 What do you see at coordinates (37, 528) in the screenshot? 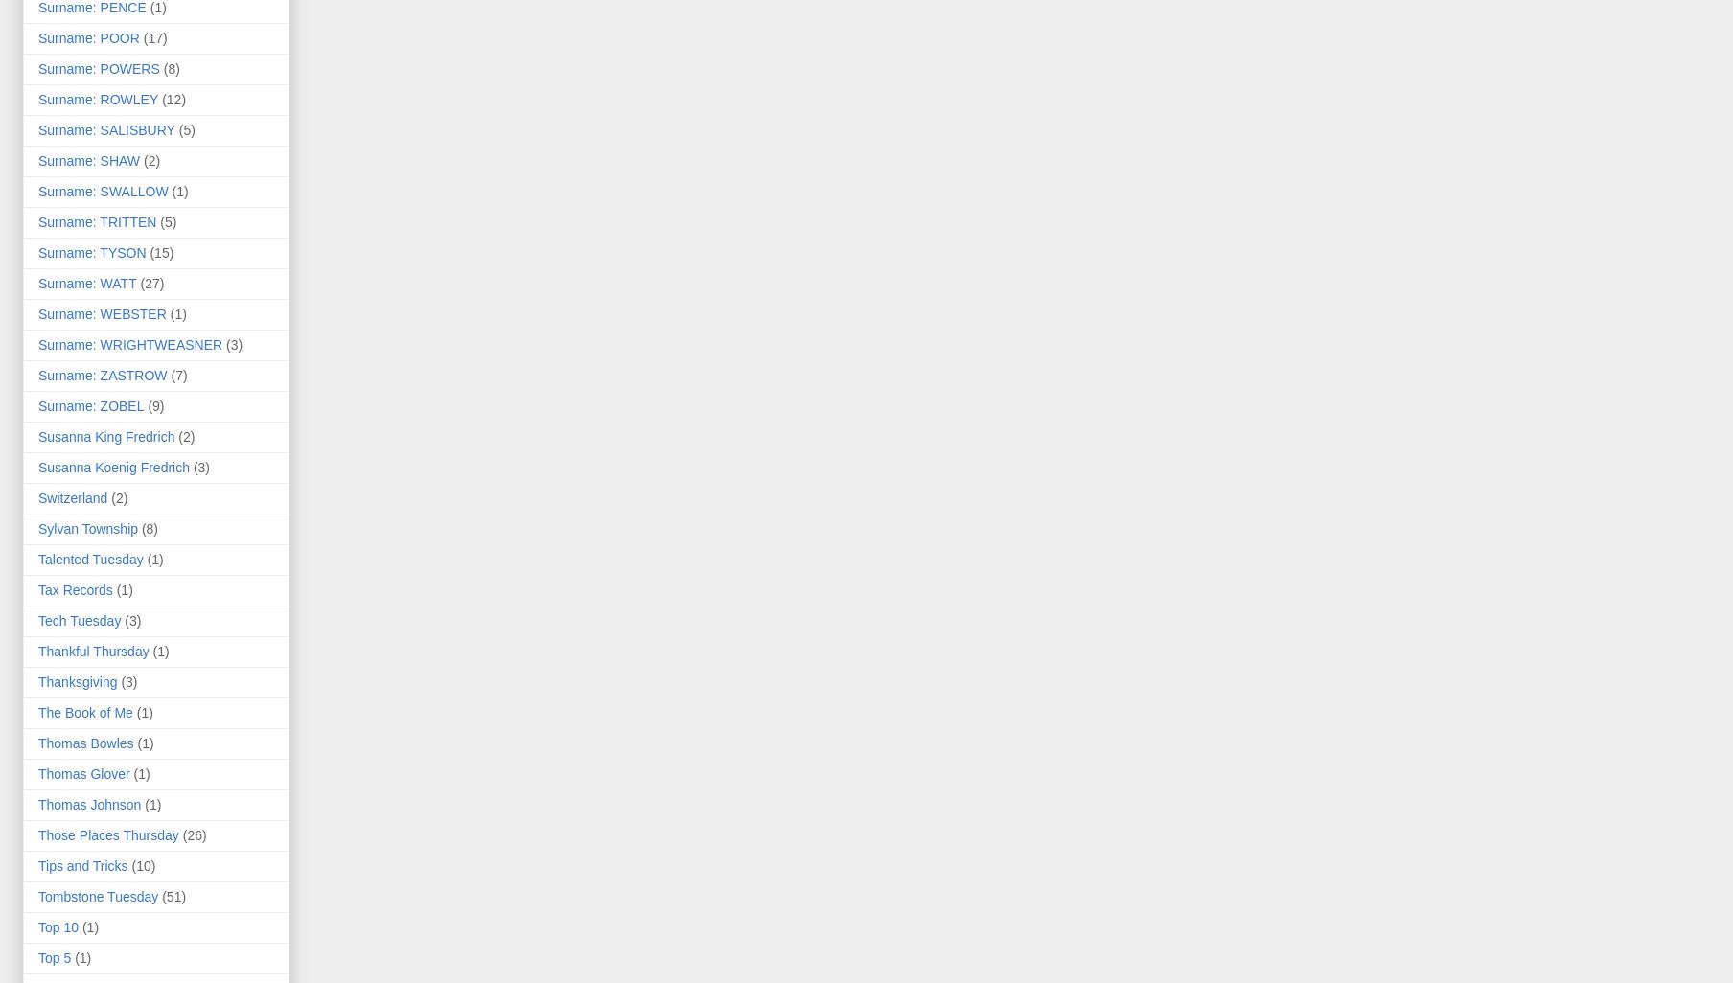
I see `'Sylvan Township'` at bounding box center [37, 528].